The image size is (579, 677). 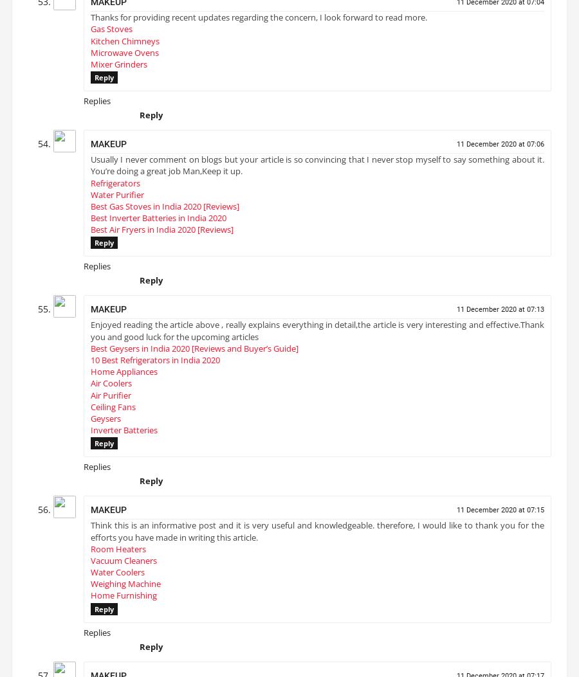 I want to click on 'Usually I never comment on blogs but your article is so convincing that I never stop myself to say something about it. You’re doing a great job Man,Keep it up.', so click(x=317, y=170).